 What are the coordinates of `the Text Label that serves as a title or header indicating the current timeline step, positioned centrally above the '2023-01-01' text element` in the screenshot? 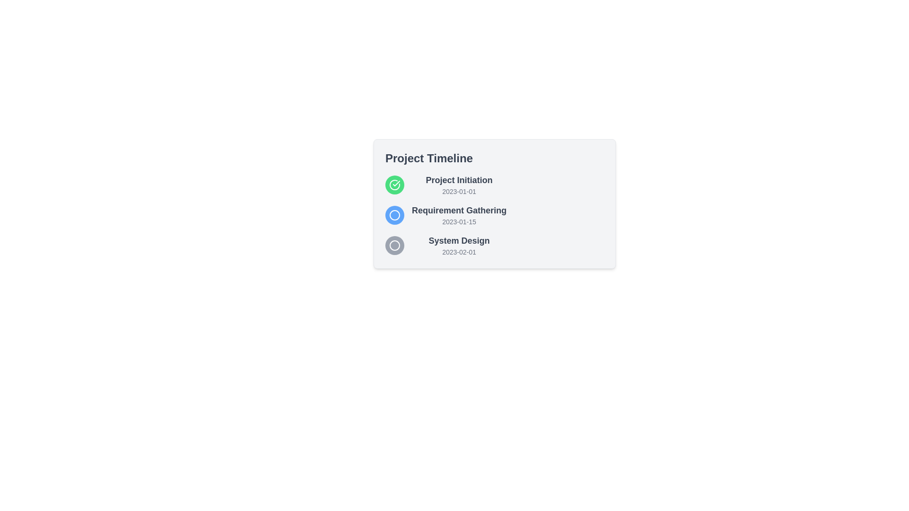 It's located at (459, 180).